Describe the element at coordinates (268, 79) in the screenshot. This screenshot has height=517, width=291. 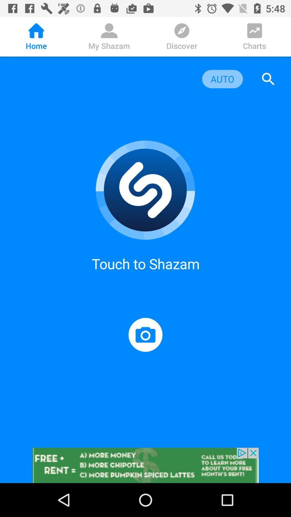
I see `search toggle` at that location.